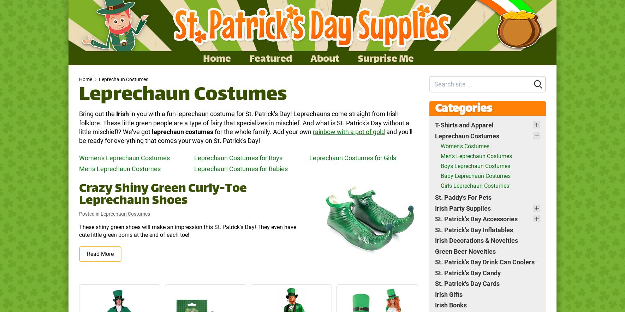 The width and height of the screenshot is (625, 312). I want to click on 'Boys Leprechaun Costumes', so click(475, 166).